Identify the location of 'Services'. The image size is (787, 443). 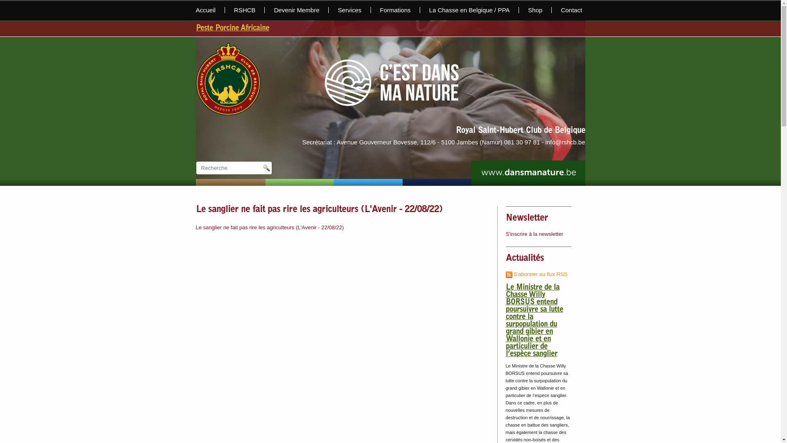
(350, 10).